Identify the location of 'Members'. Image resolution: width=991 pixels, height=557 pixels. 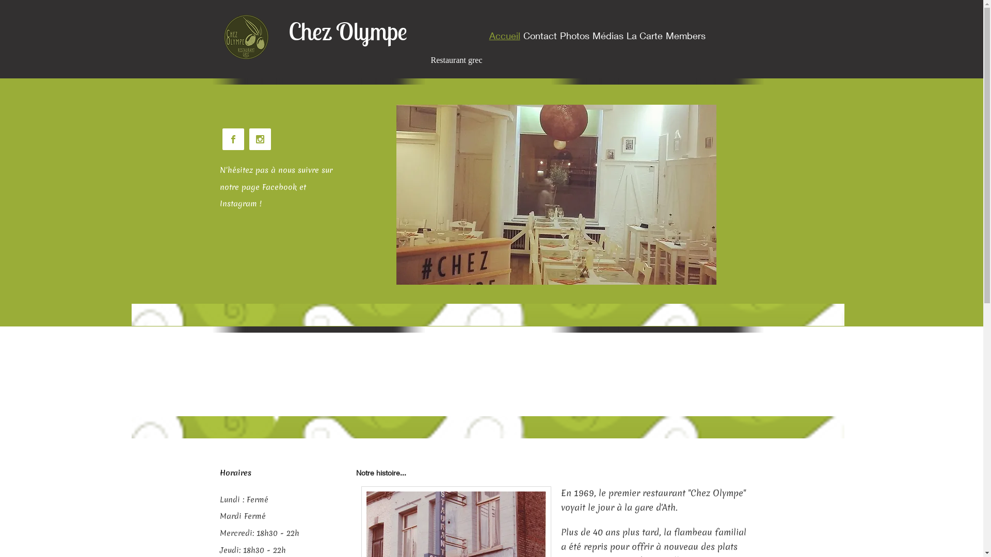
(685, 35).